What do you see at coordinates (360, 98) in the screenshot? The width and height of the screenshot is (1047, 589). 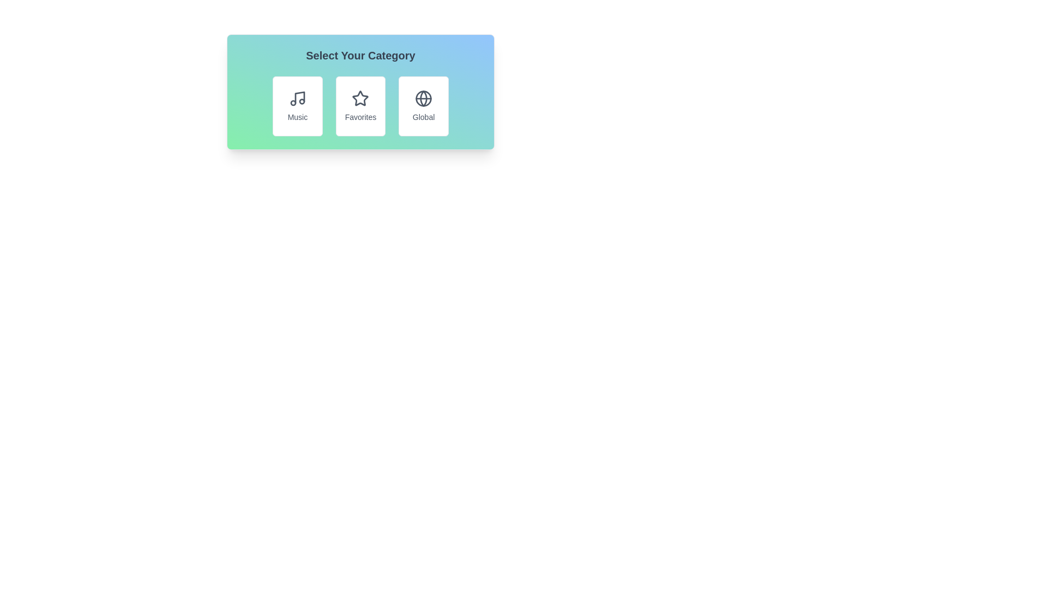 I see `the central icon of the 'Favorites' button` at bounding box center [360, 98].